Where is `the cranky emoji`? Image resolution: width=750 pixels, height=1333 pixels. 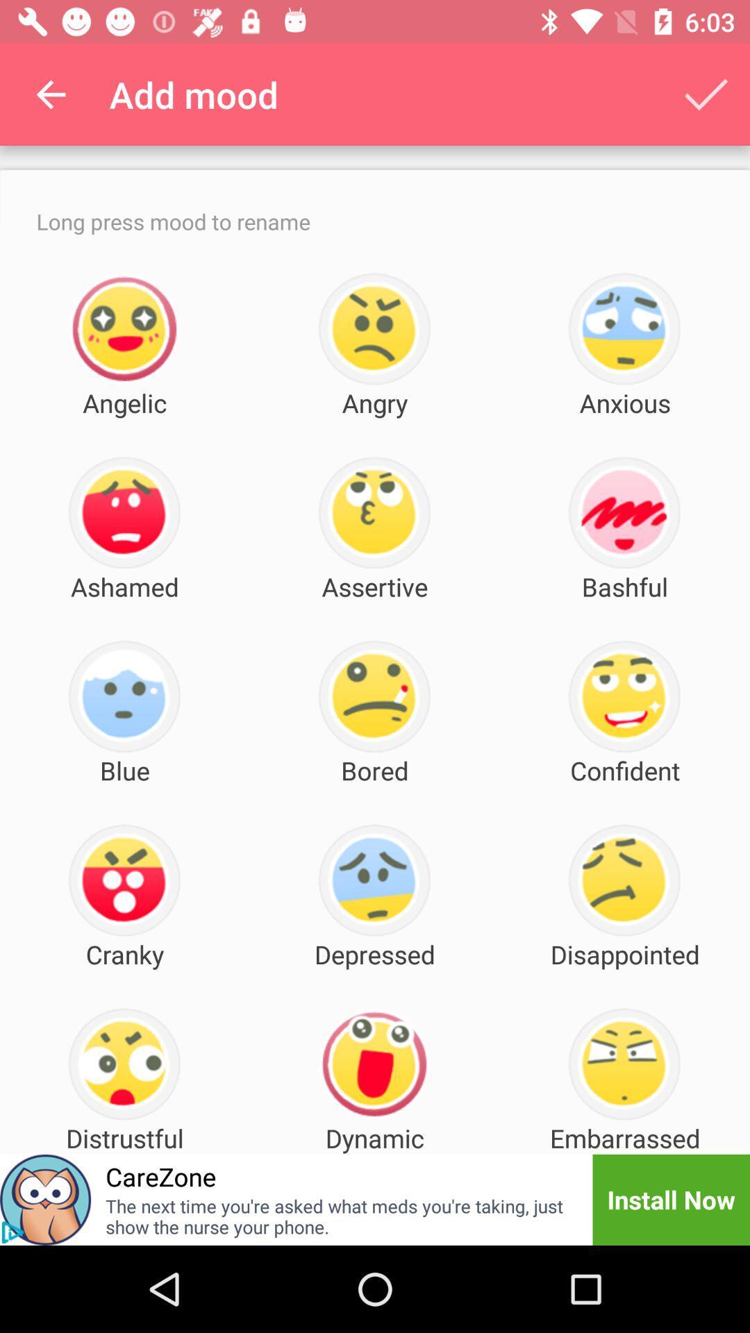
the cranky emoji is located at coordinates (124, 880).